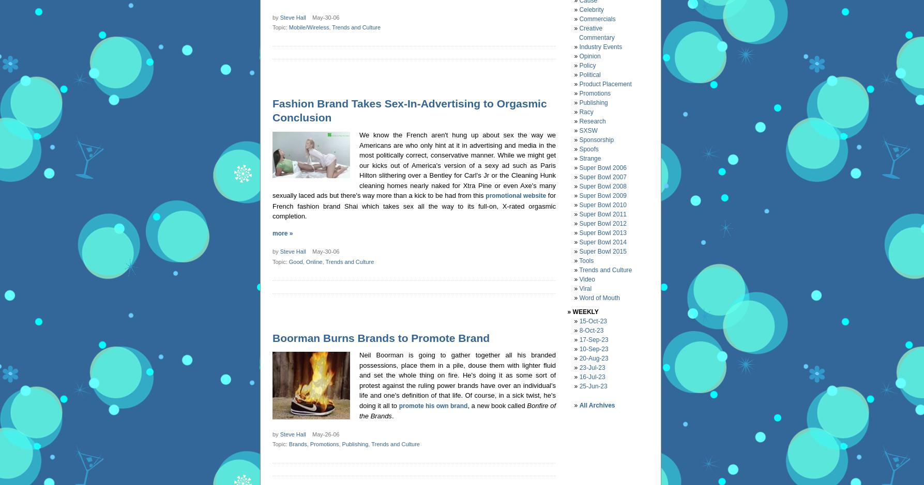 This screenshot has height=485, width=924. I want to click on 'Online', so click(305, 261).